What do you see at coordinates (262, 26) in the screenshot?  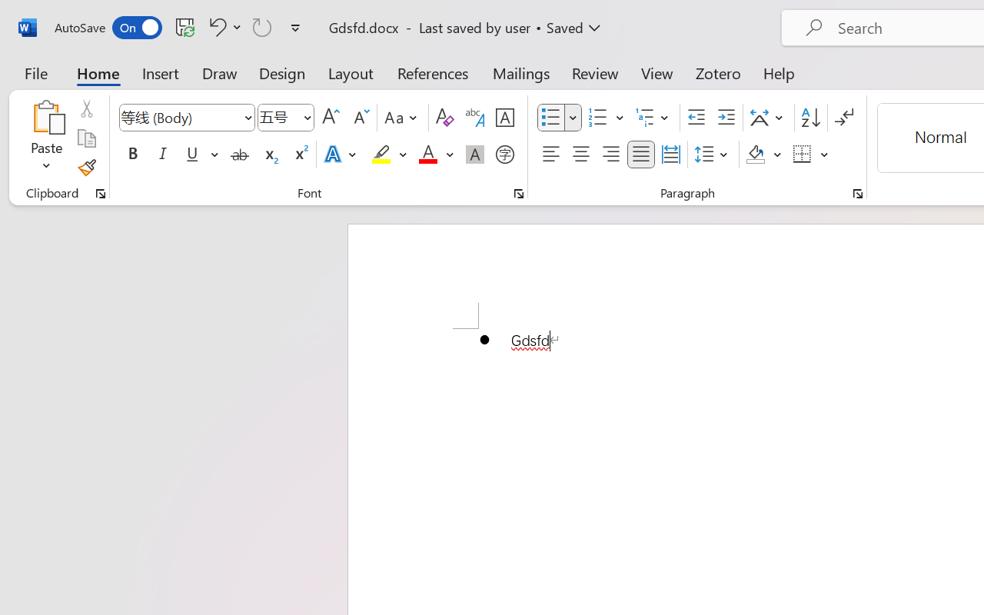 I see `'Can'` at bounding box center [262, 26].